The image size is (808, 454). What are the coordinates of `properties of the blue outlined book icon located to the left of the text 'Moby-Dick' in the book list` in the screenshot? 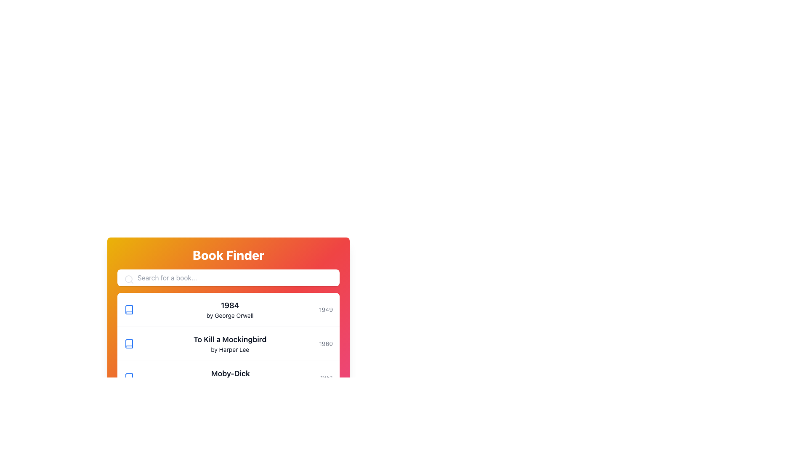 It's located at (129, 377).